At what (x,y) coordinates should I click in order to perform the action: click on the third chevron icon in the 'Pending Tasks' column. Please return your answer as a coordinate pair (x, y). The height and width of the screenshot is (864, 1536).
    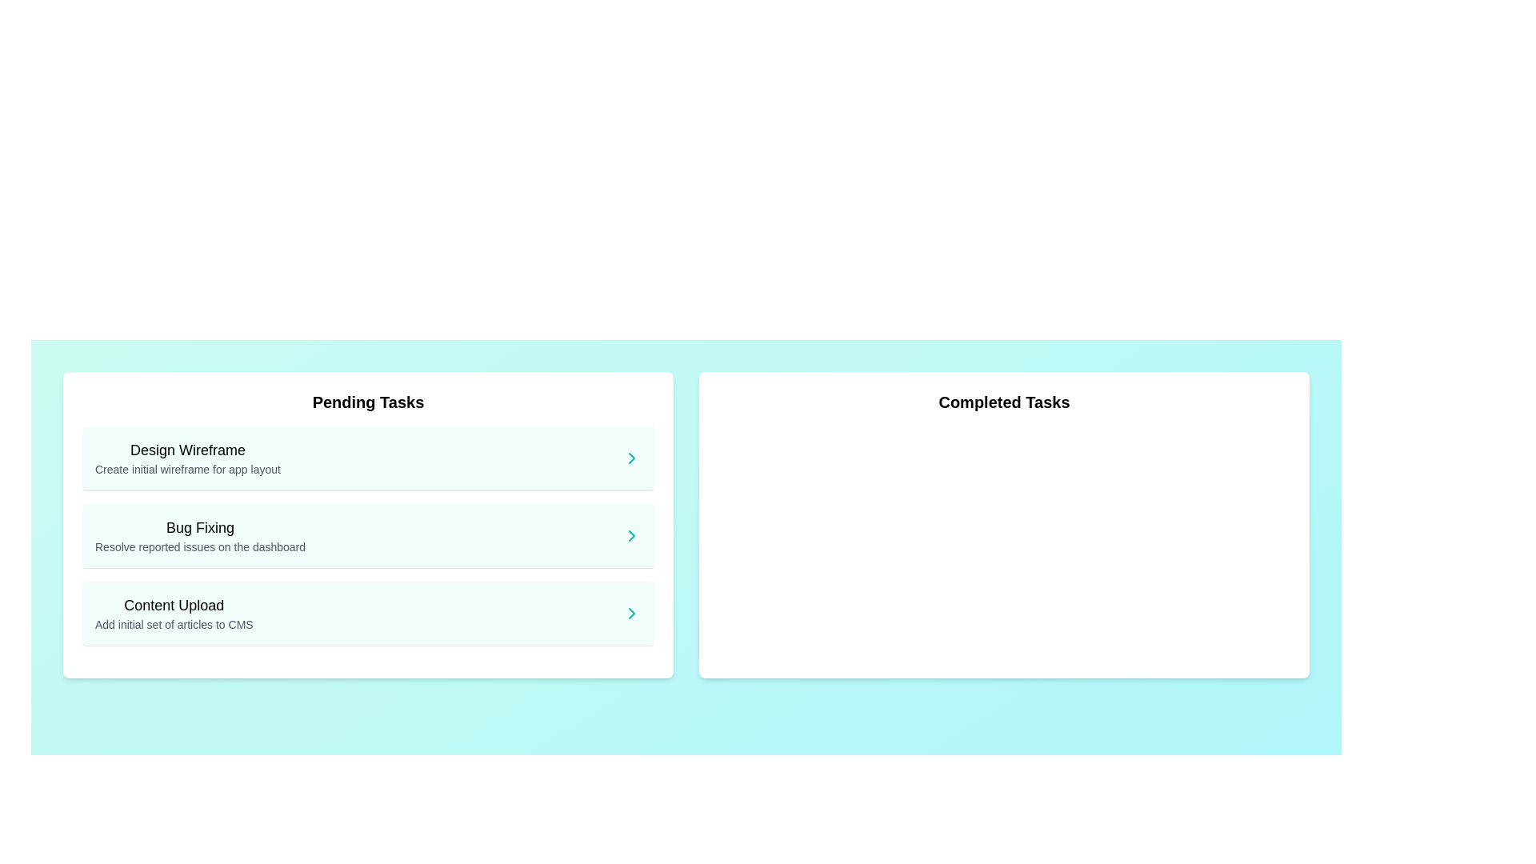
    Looking at the image, I should click on (631, 613).